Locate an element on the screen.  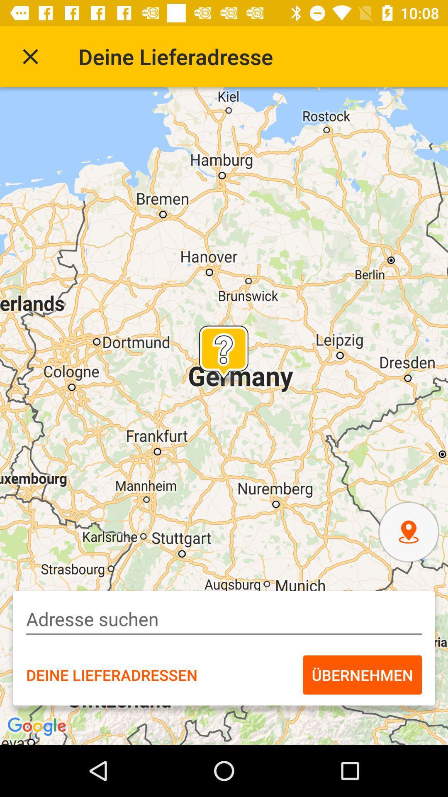
type in address box is located at coordinates (224, 619).